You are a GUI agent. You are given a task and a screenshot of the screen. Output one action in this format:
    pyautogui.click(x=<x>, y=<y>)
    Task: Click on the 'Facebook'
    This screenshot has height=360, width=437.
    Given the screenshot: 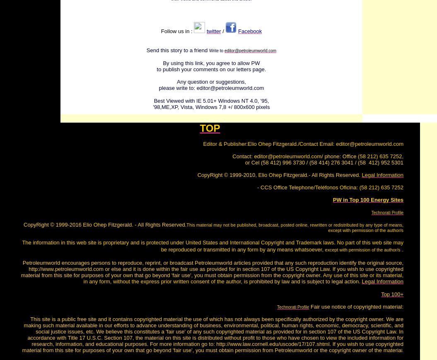 What is the action you would take?
    pyautogui.click(x=237, y=31)
    